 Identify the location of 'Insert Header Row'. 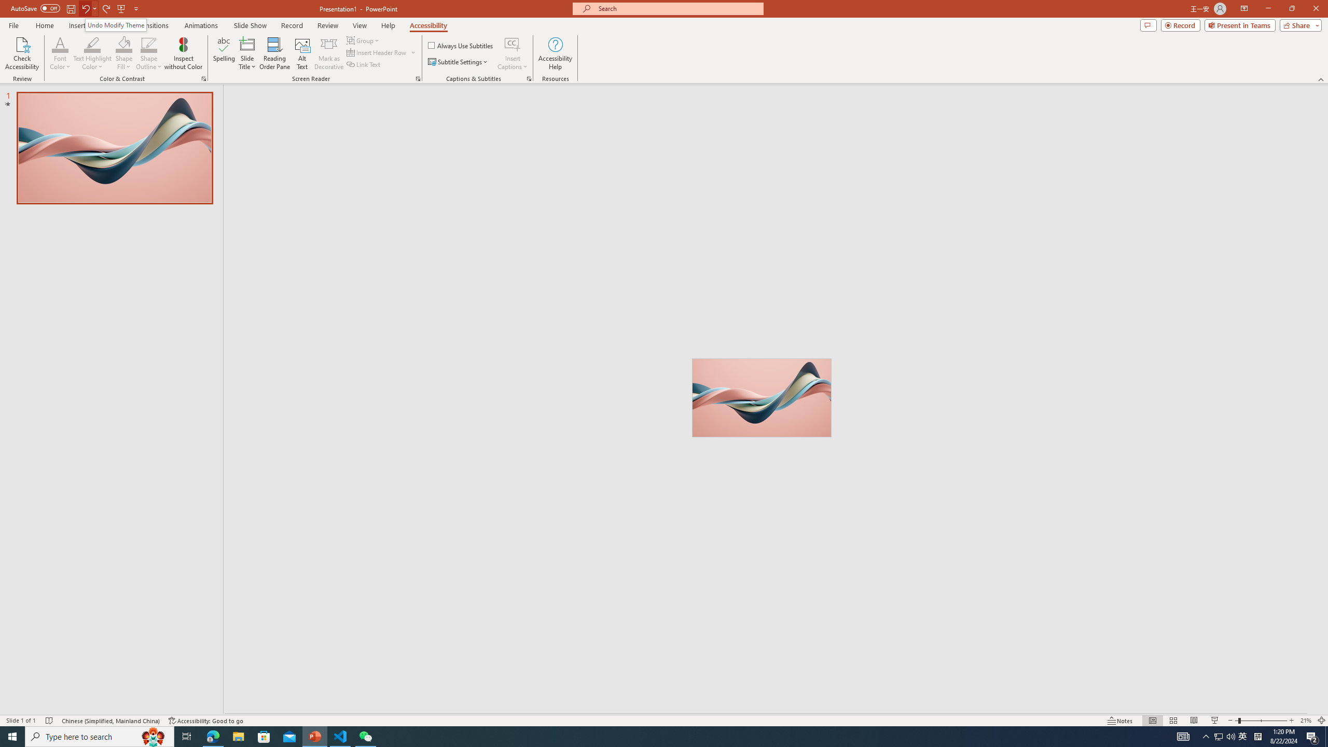
(381, 51).